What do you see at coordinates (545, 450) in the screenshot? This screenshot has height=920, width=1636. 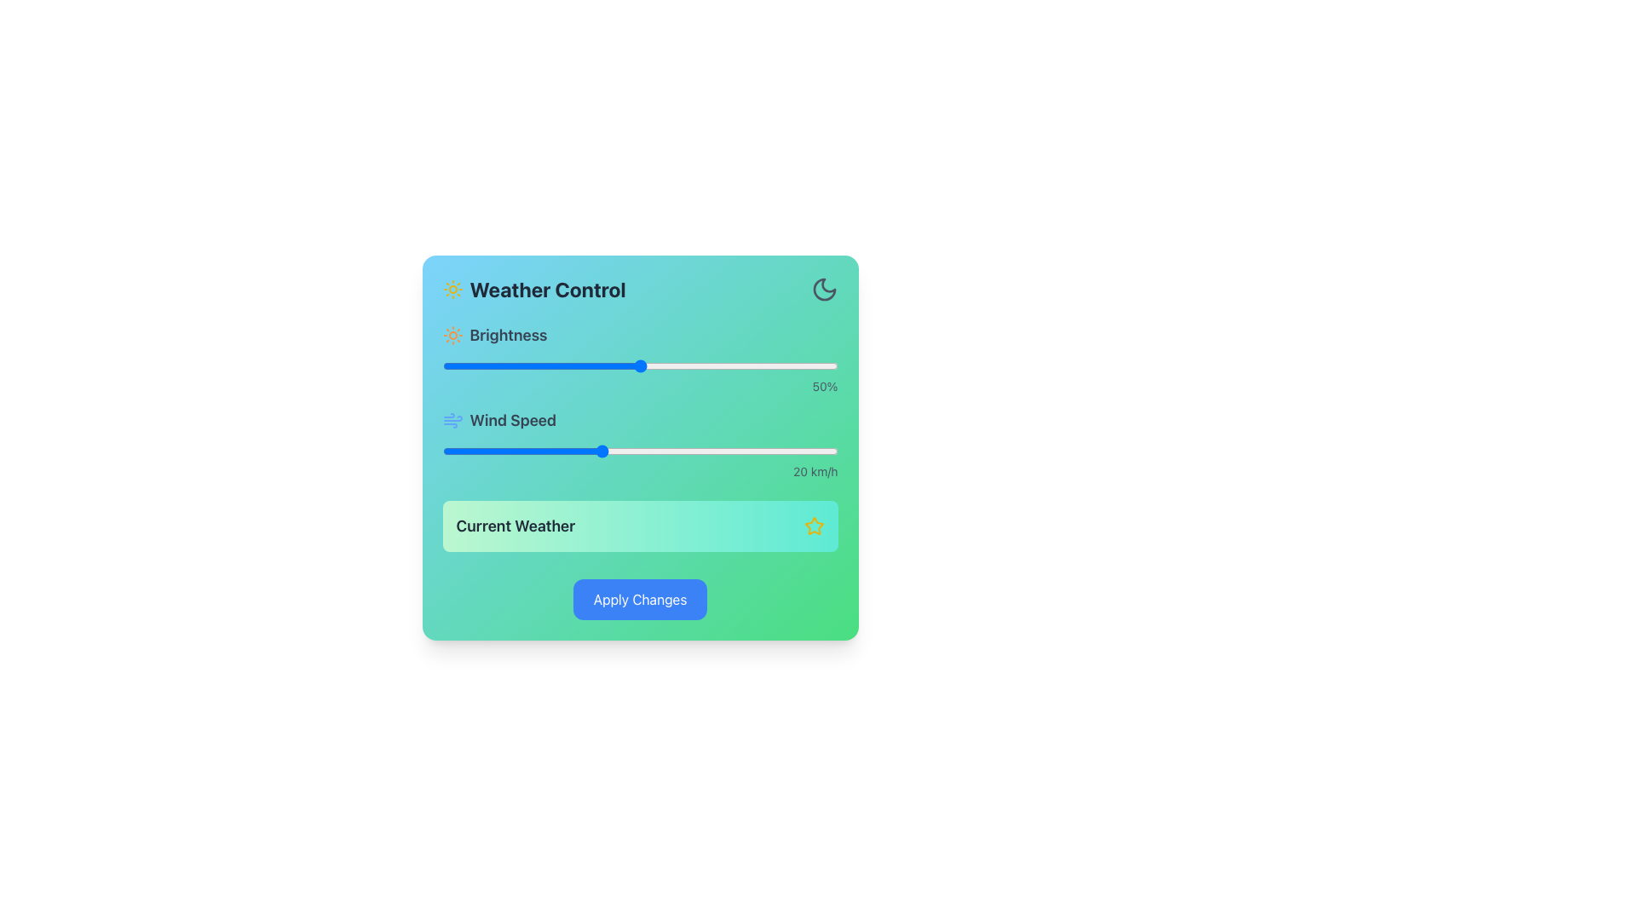 I see `the wind speed` at bounding box center [545, 450].